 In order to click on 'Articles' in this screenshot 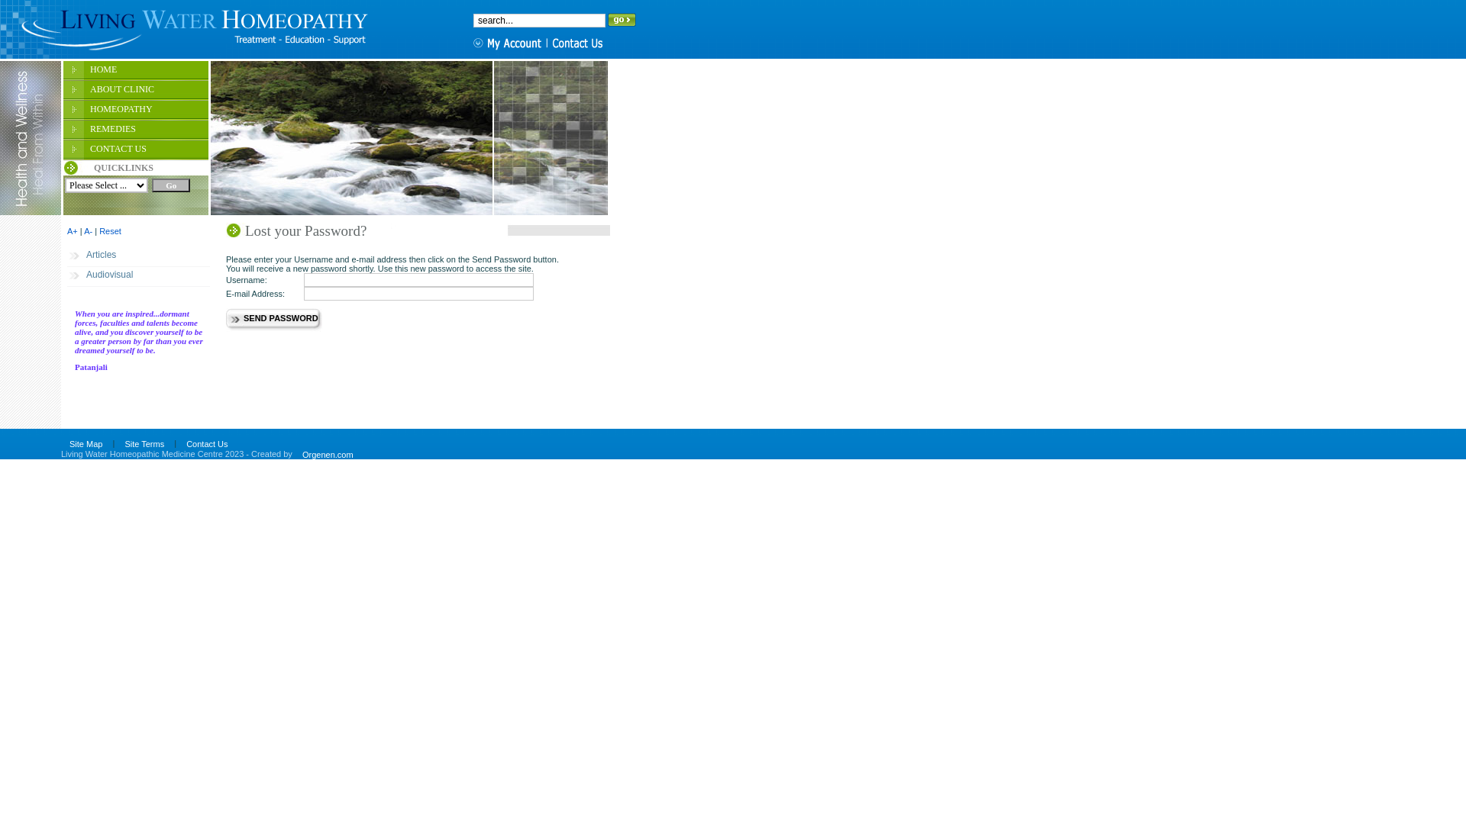, I will do `click(138, 256)`.